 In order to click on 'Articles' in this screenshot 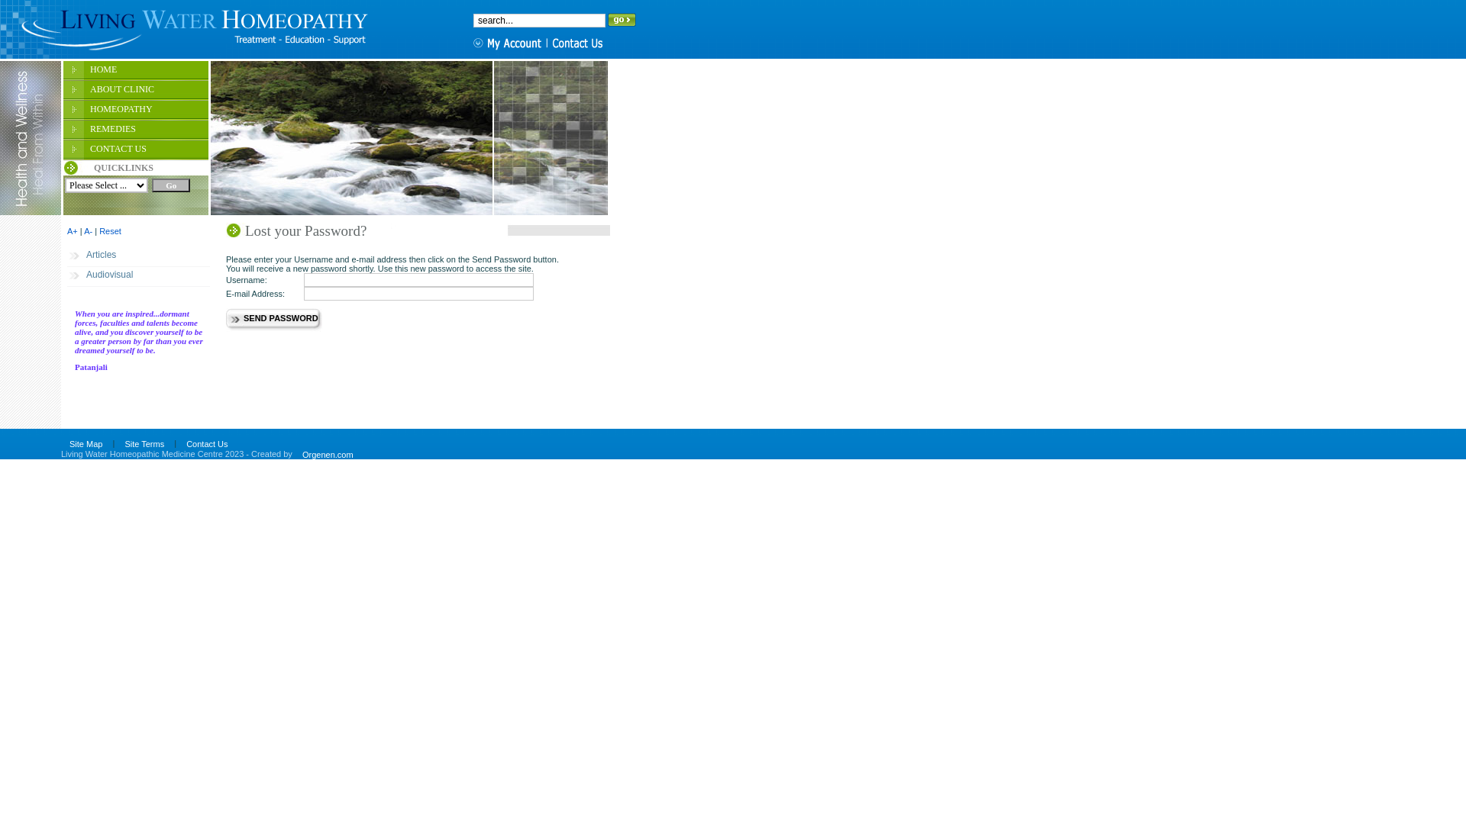, I will do `click(138, 256)`.